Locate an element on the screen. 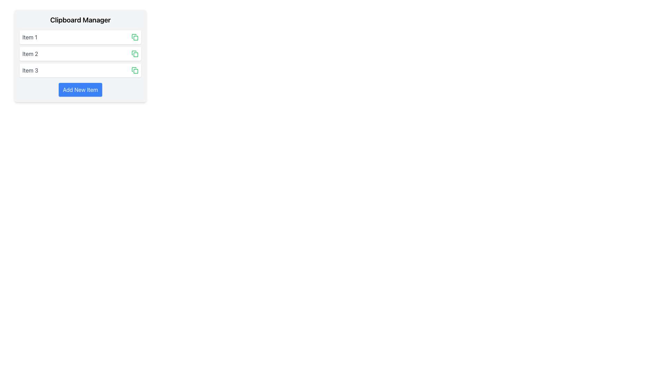  the copy button labeled 'Item 2' is located at coordinates (135, 53).